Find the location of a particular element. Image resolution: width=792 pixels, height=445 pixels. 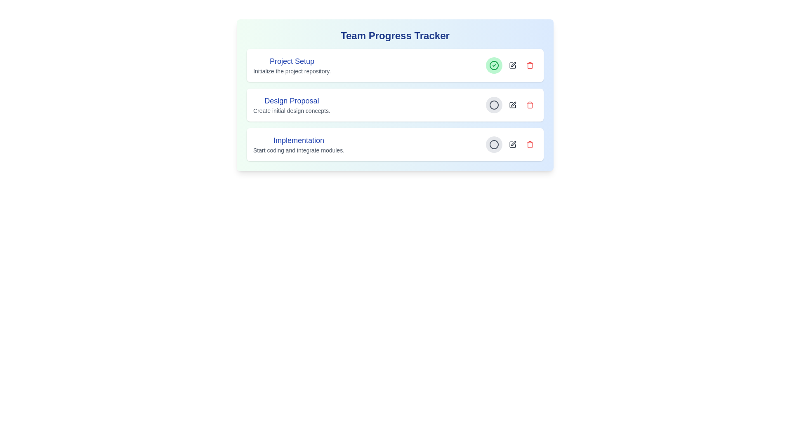

edit button for the task titled 'Implementation' is located at coordinates (512, 144).